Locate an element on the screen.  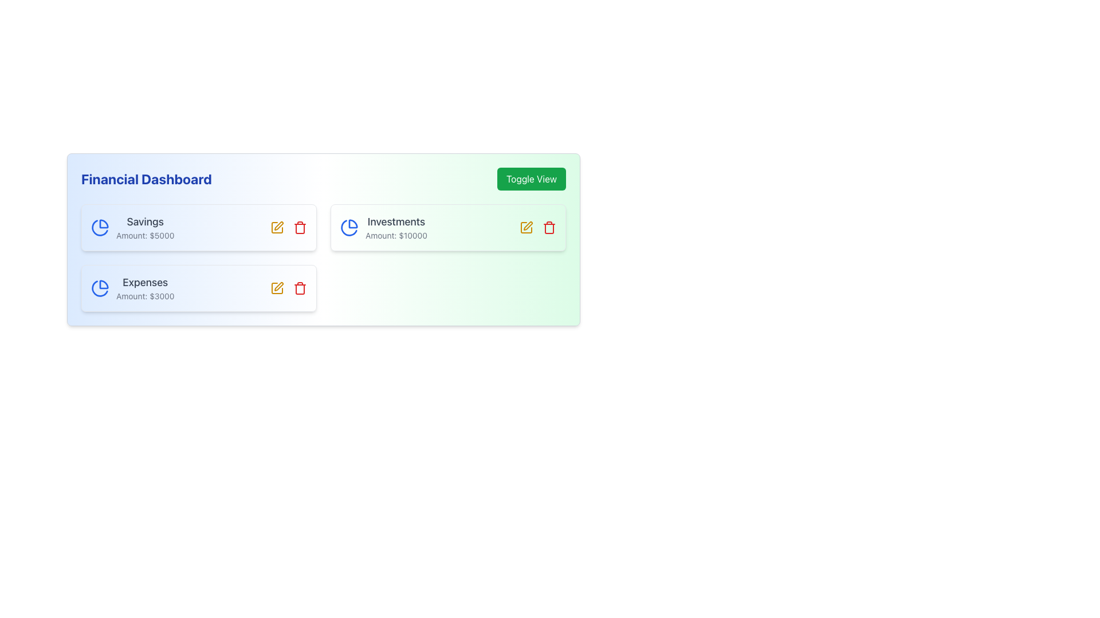
the circular pie chart icon with a blue outline and white fill, which is located next to the text 'Investments' in the 'Investments' card is located at coordinates (348, 227).